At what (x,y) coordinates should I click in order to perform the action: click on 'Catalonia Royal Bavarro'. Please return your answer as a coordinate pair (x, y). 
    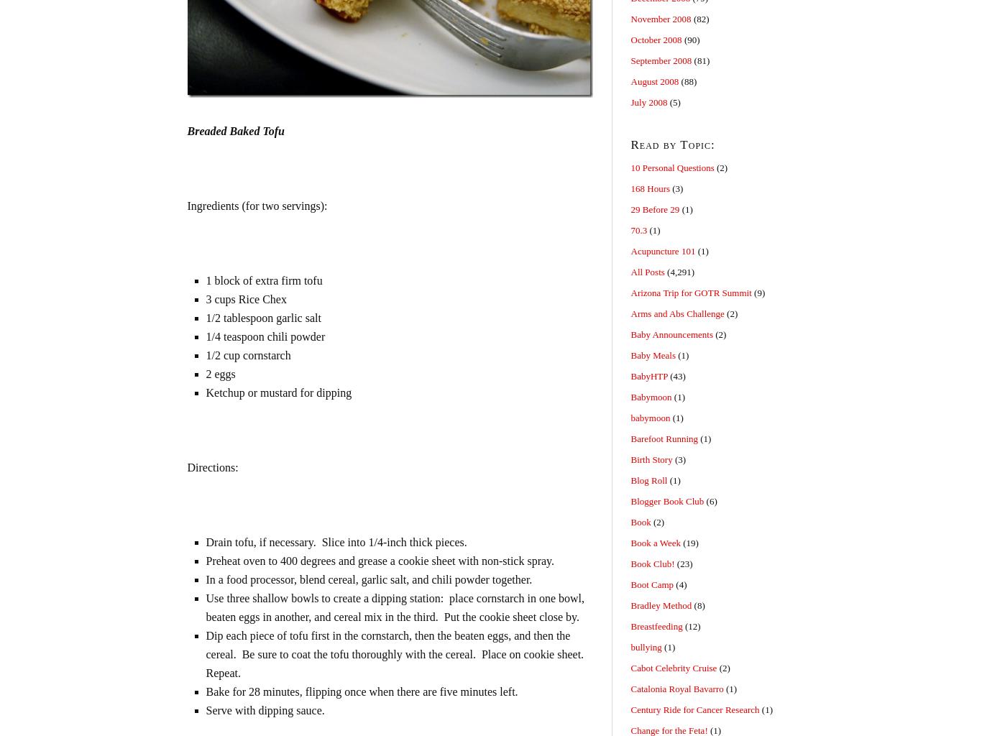
    Looking at the image, I should click on (676, 689).